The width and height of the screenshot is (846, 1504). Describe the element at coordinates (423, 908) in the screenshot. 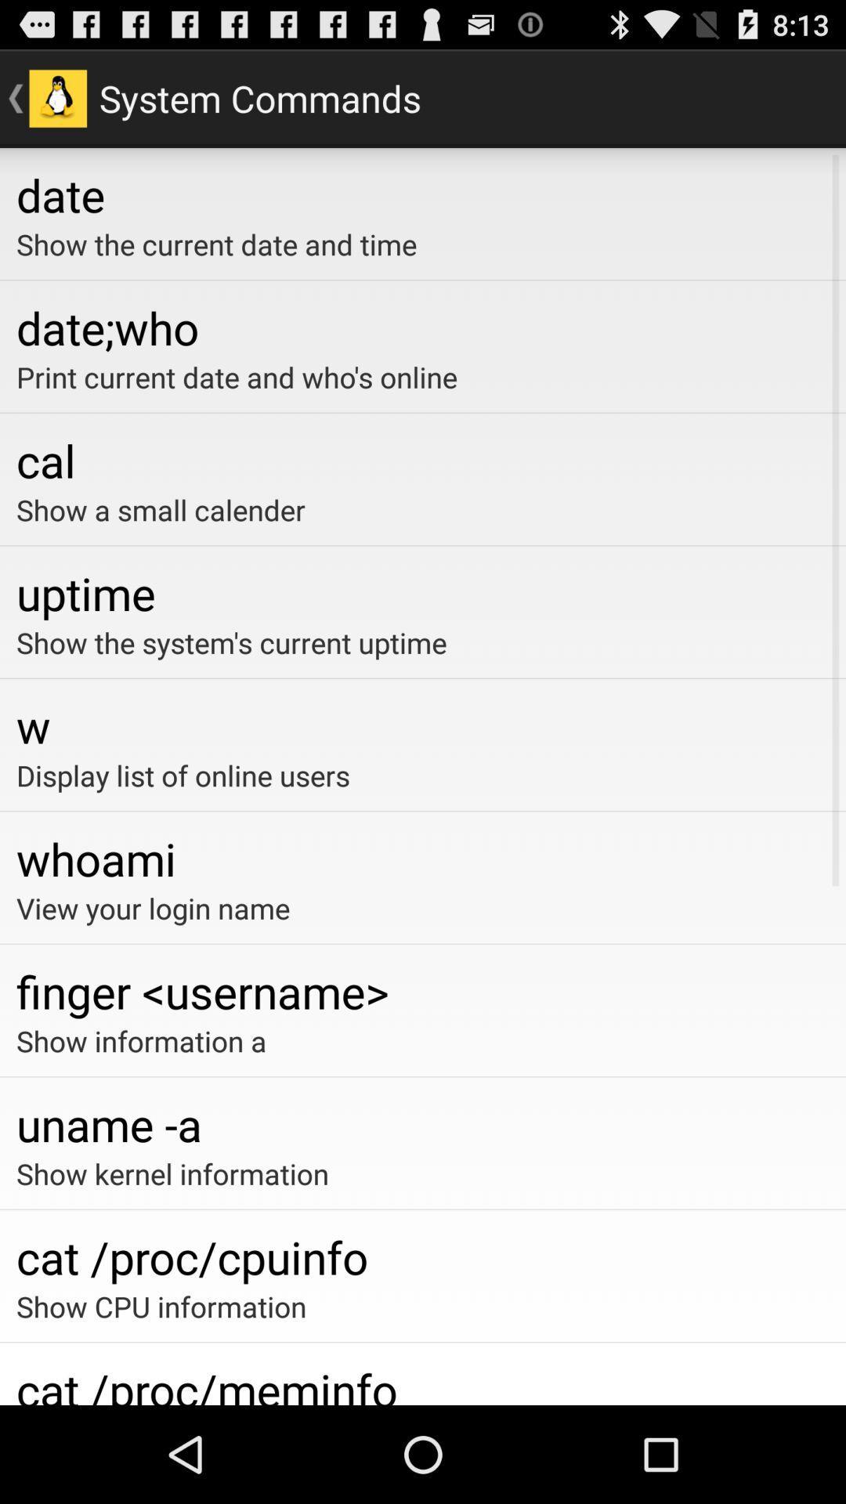

I see `view your login app` at that location.